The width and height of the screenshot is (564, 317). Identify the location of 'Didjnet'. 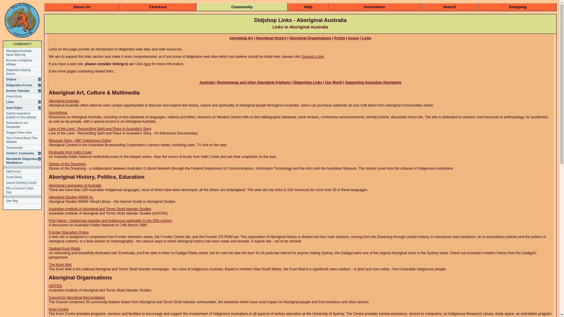
(3, 79).